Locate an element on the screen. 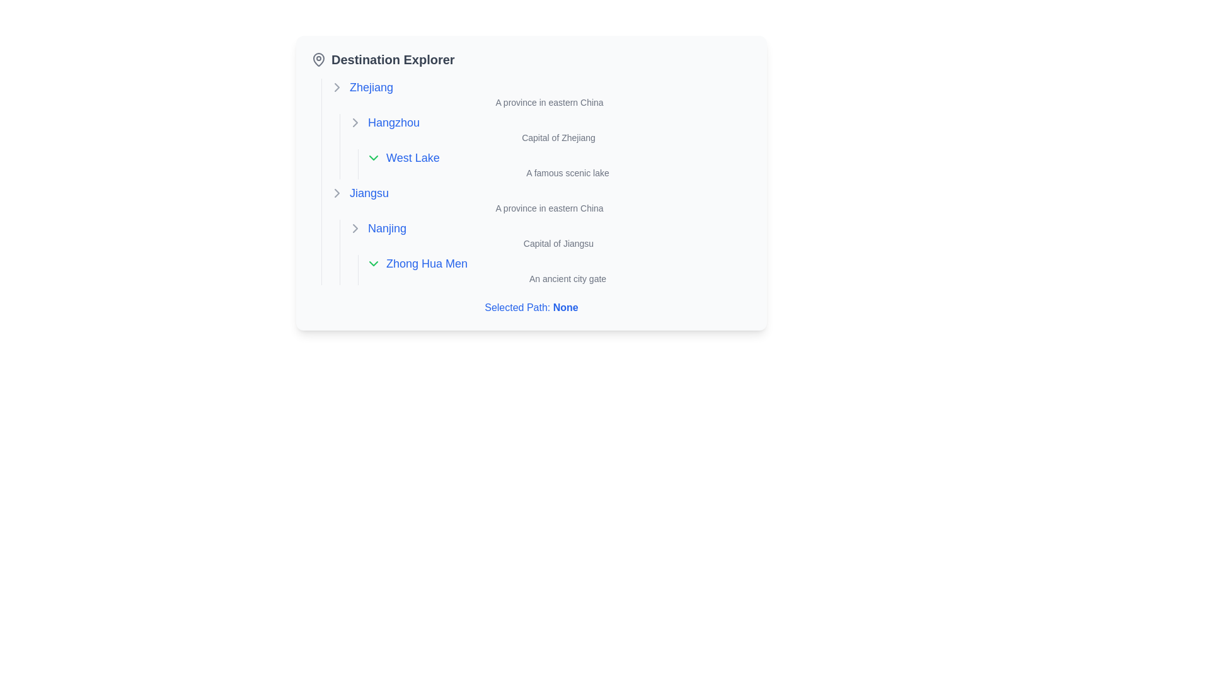 Image resolution: width=1210 pixels, height=680 pixels. the static text label reading 'A famous scenic lake' located under the 'West Lake' category is located at coordinates (558, 173).